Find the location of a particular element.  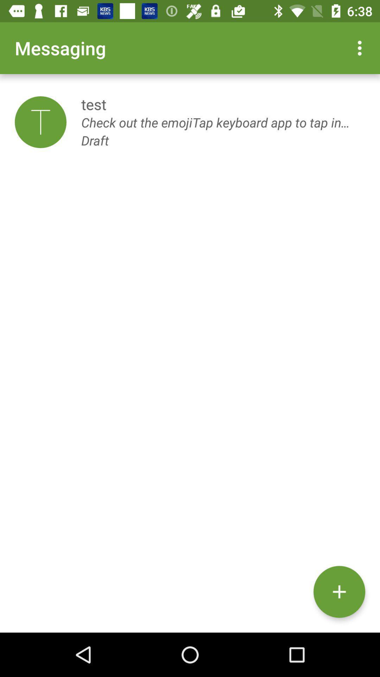

the add icon is located at coordinates (339, 592).